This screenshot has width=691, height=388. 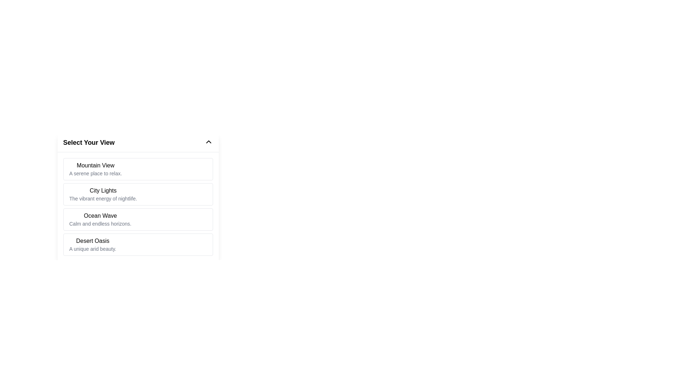 What do you see at coordinates (103, 198) in the screenshot?
I see `the description text that provides additional details about the 'City Lights' option in the selection menu, located below the title 'City Lights'` at bounding box center [103, 198].